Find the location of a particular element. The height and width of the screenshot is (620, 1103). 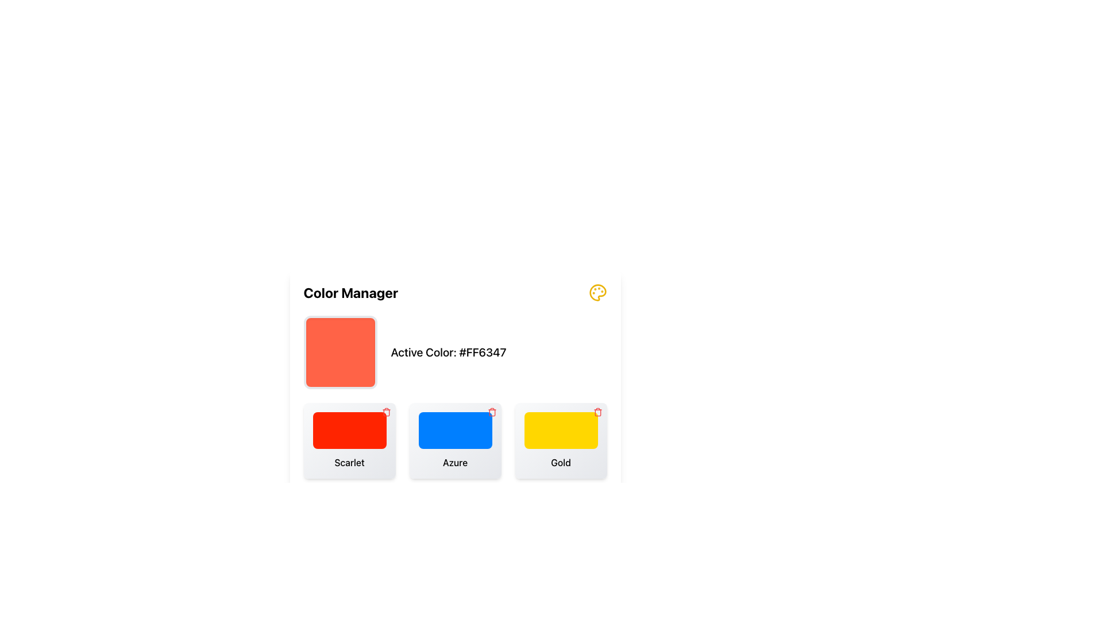

the 'Scarlet' color card is located at coordinates (349, 440).